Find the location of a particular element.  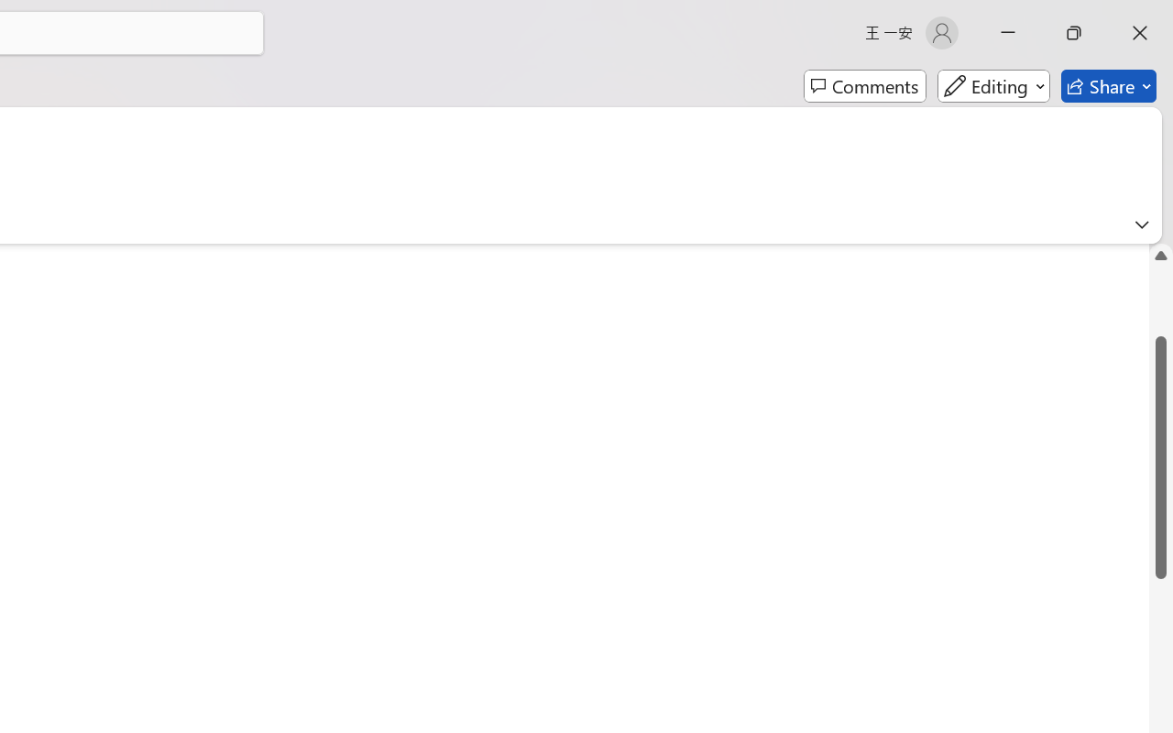

'Close' is located at coordinates (1139, 32).